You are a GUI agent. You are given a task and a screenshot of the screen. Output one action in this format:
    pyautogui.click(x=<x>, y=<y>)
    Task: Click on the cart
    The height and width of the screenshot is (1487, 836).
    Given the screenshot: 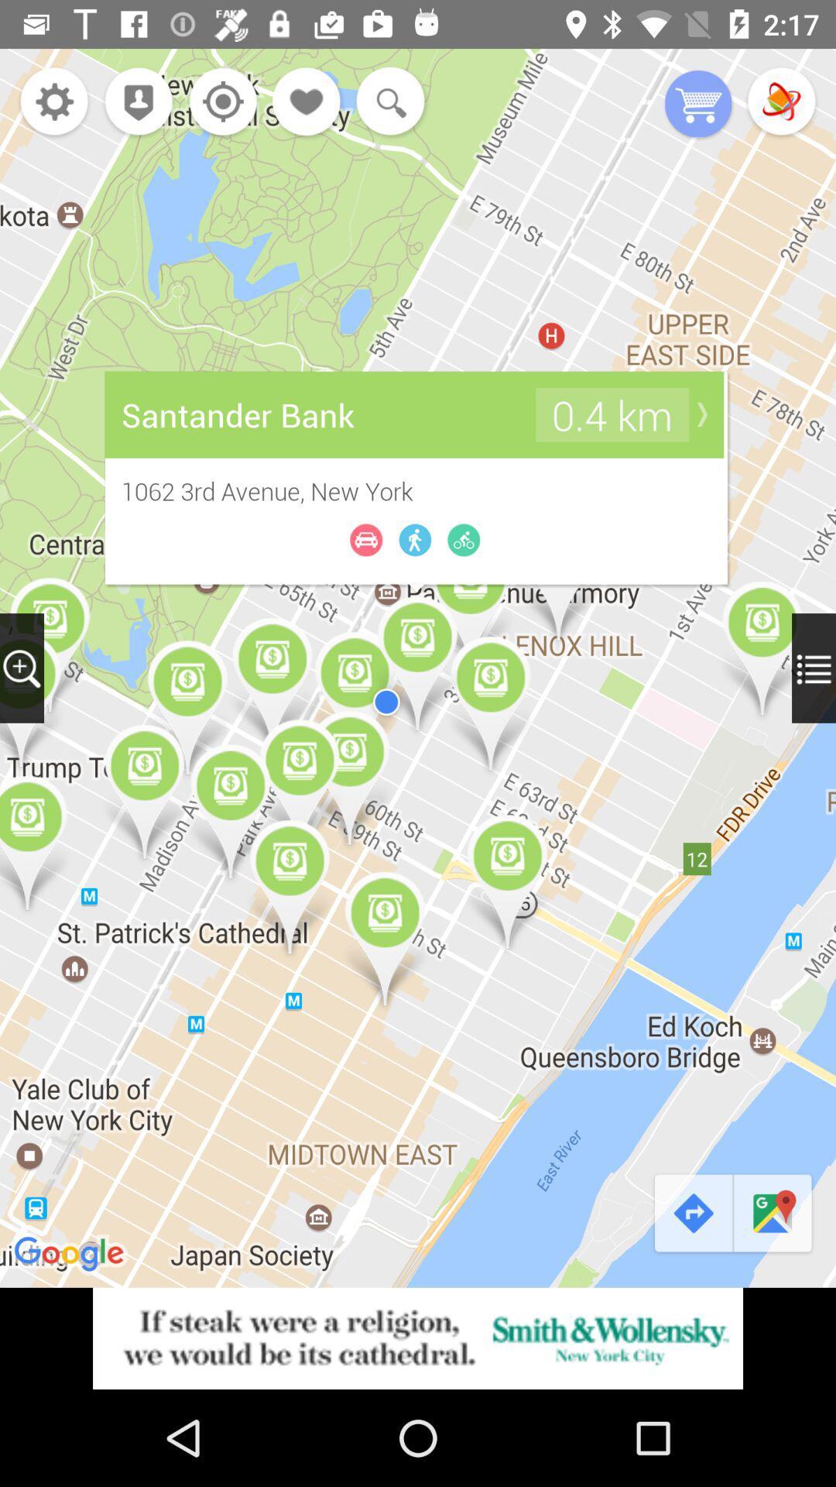 What is the action you would take?
    pyautogui.click(x=698, y=105)
    